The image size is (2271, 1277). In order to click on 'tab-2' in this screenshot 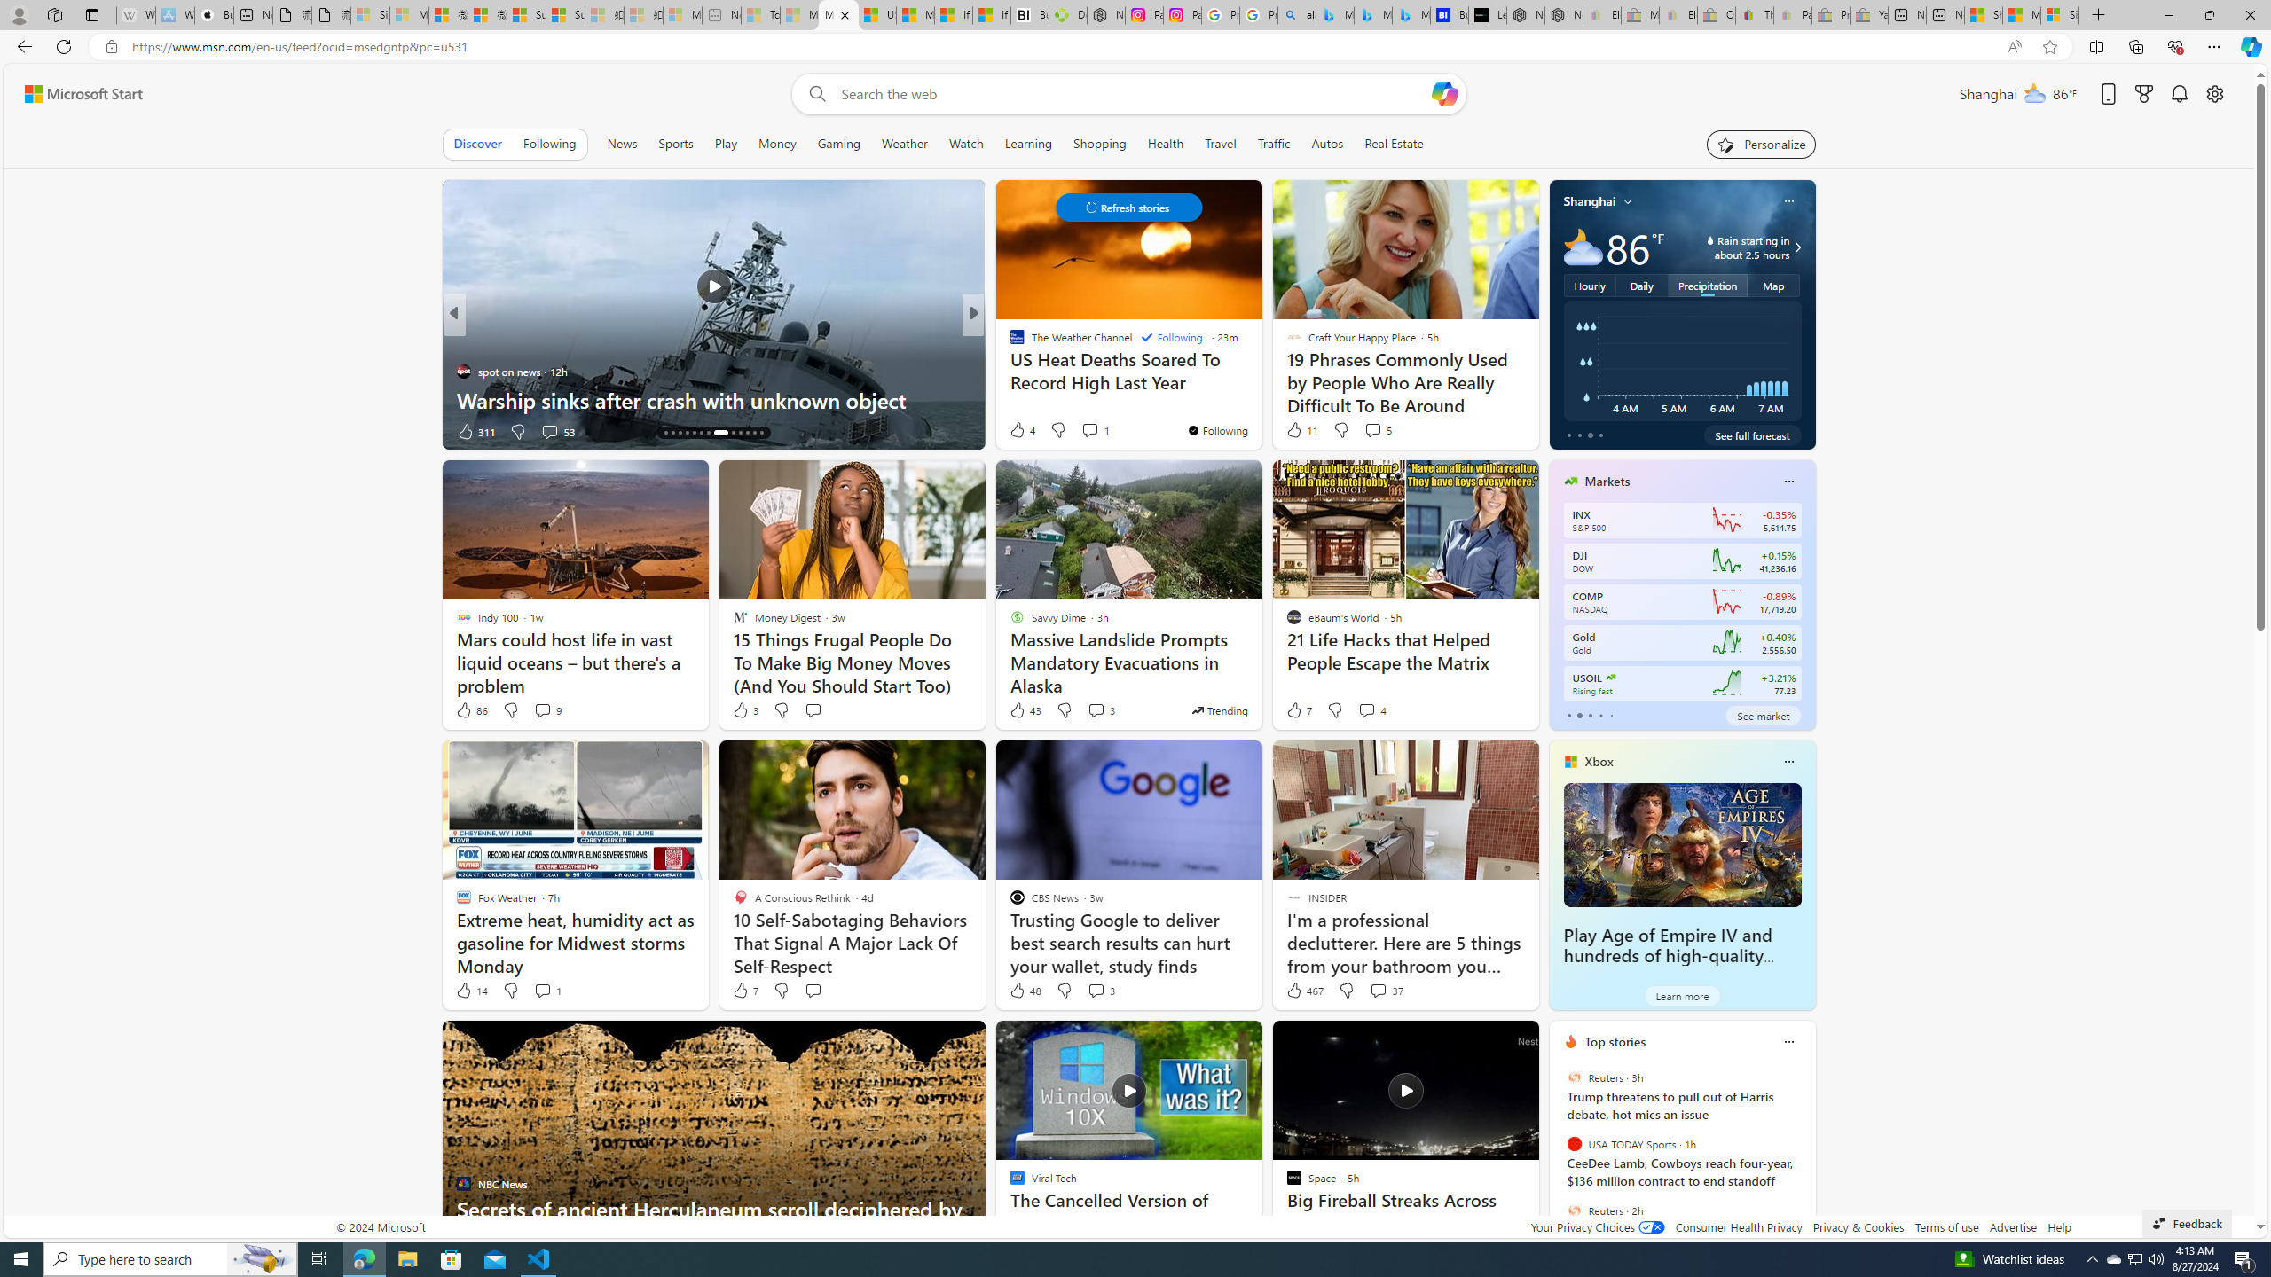, I will do `click(1591, 716)`.